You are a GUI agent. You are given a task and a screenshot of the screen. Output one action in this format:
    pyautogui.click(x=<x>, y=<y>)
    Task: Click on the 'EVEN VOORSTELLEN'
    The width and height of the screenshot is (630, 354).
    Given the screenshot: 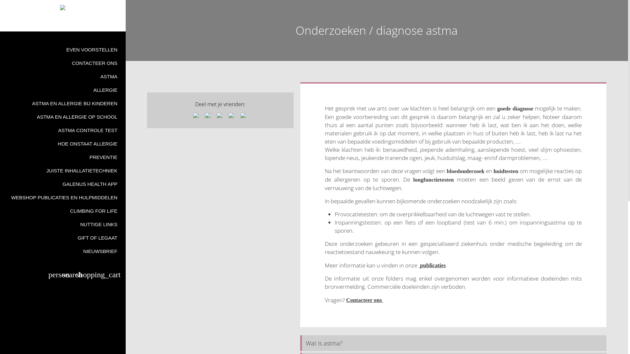 What is the action you would take?
    pyautogui.click(x=63, y=49)
    